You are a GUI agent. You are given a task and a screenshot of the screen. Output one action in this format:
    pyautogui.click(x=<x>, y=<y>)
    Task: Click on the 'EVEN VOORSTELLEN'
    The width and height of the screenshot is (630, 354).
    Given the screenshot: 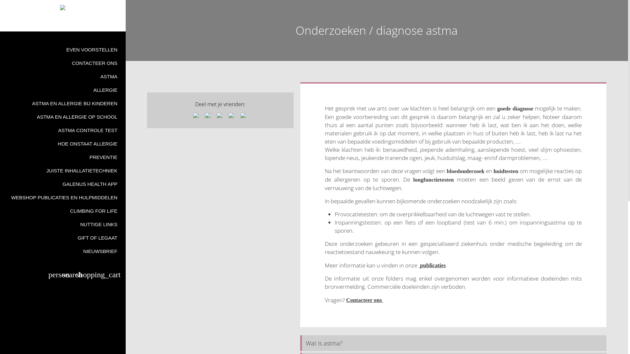 What is the action you would take?
    pyautogui.click(x=63, y=49)
    